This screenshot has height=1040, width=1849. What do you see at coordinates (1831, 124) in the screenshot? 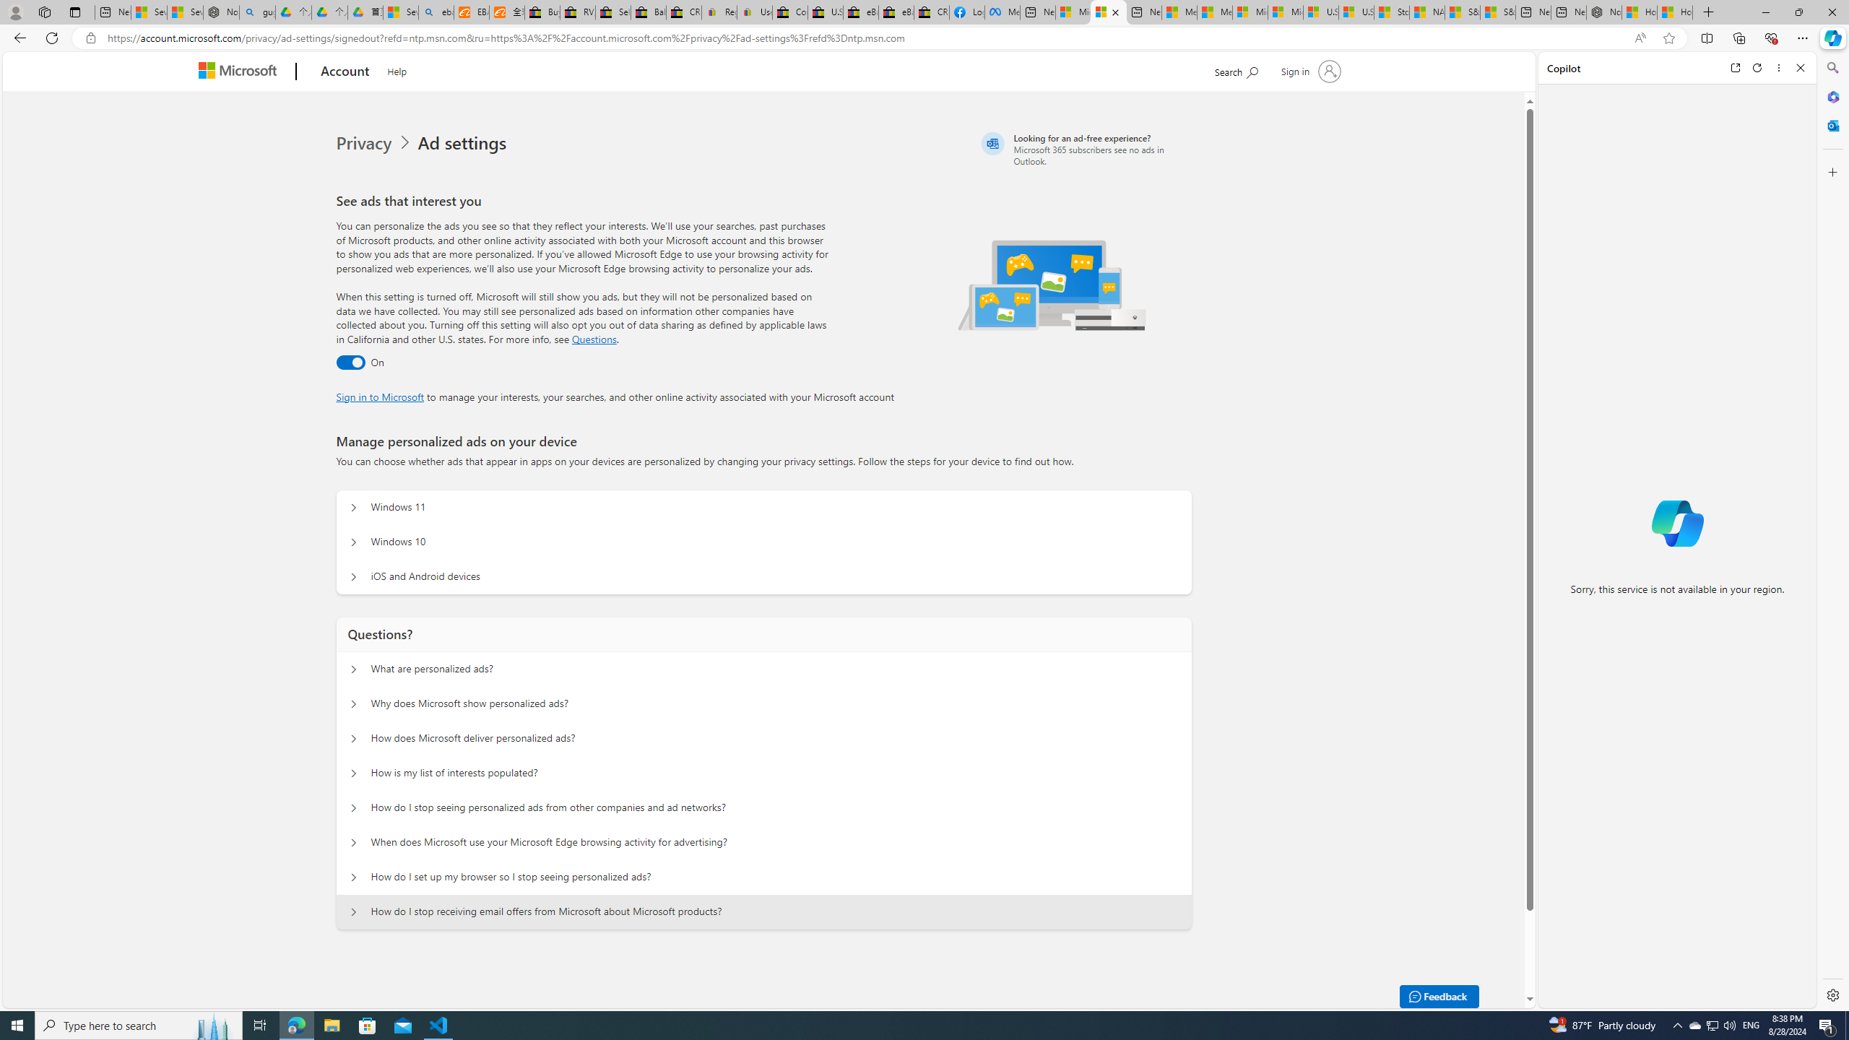
I see `'Outlook'` at bounding box center [1831, 124].